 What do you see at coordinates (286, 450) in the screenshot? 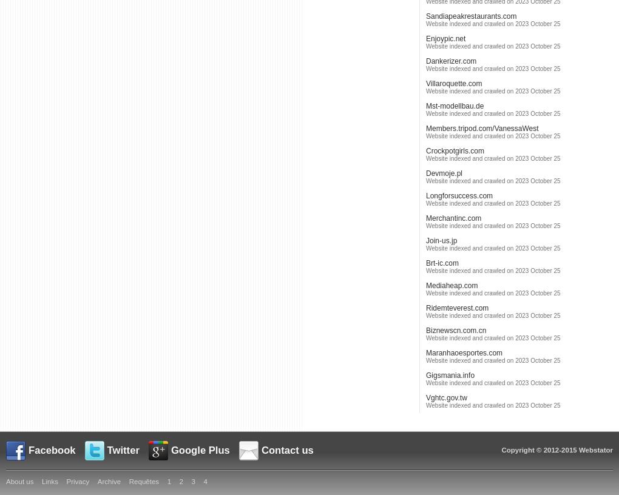
I see `'Contact us'` at bounding box center [286, 450].